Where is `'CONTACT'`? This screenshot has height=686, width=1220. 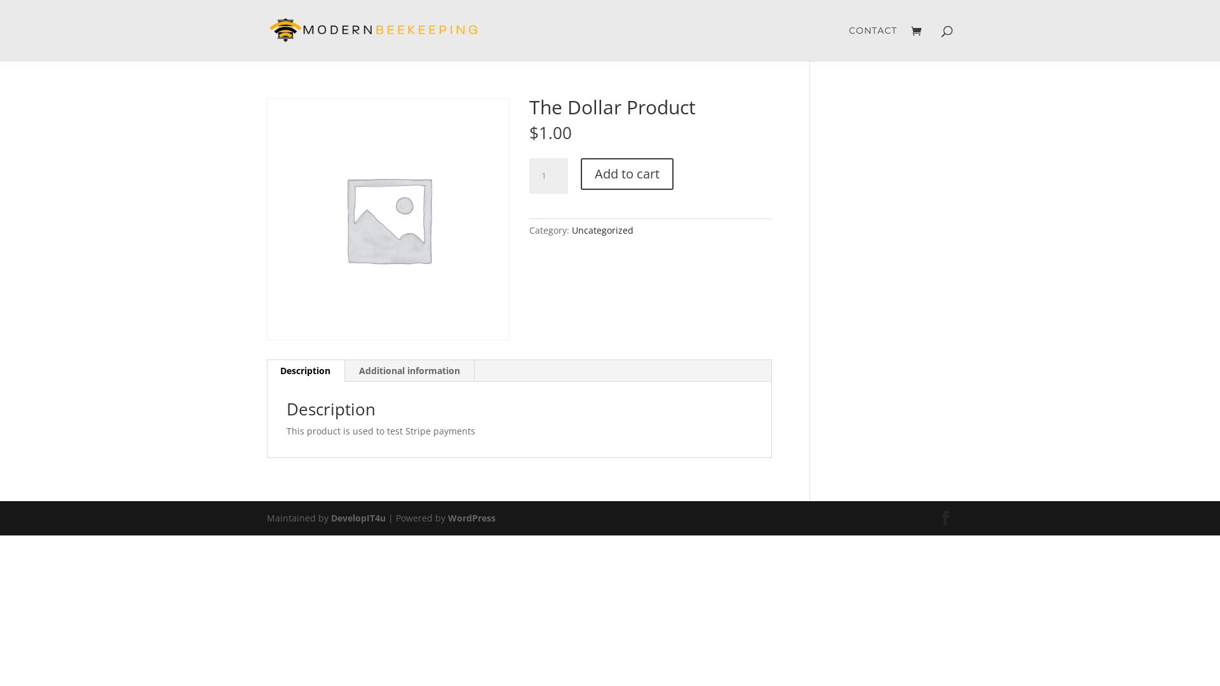 'CONTACT' is located at coordinates (872, 43).